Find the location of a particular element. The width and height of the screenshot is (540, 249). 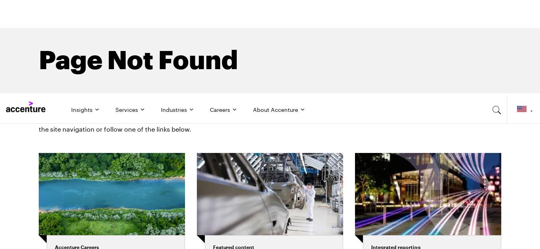

'Accenture careers' is located at coordinates (101, 169).